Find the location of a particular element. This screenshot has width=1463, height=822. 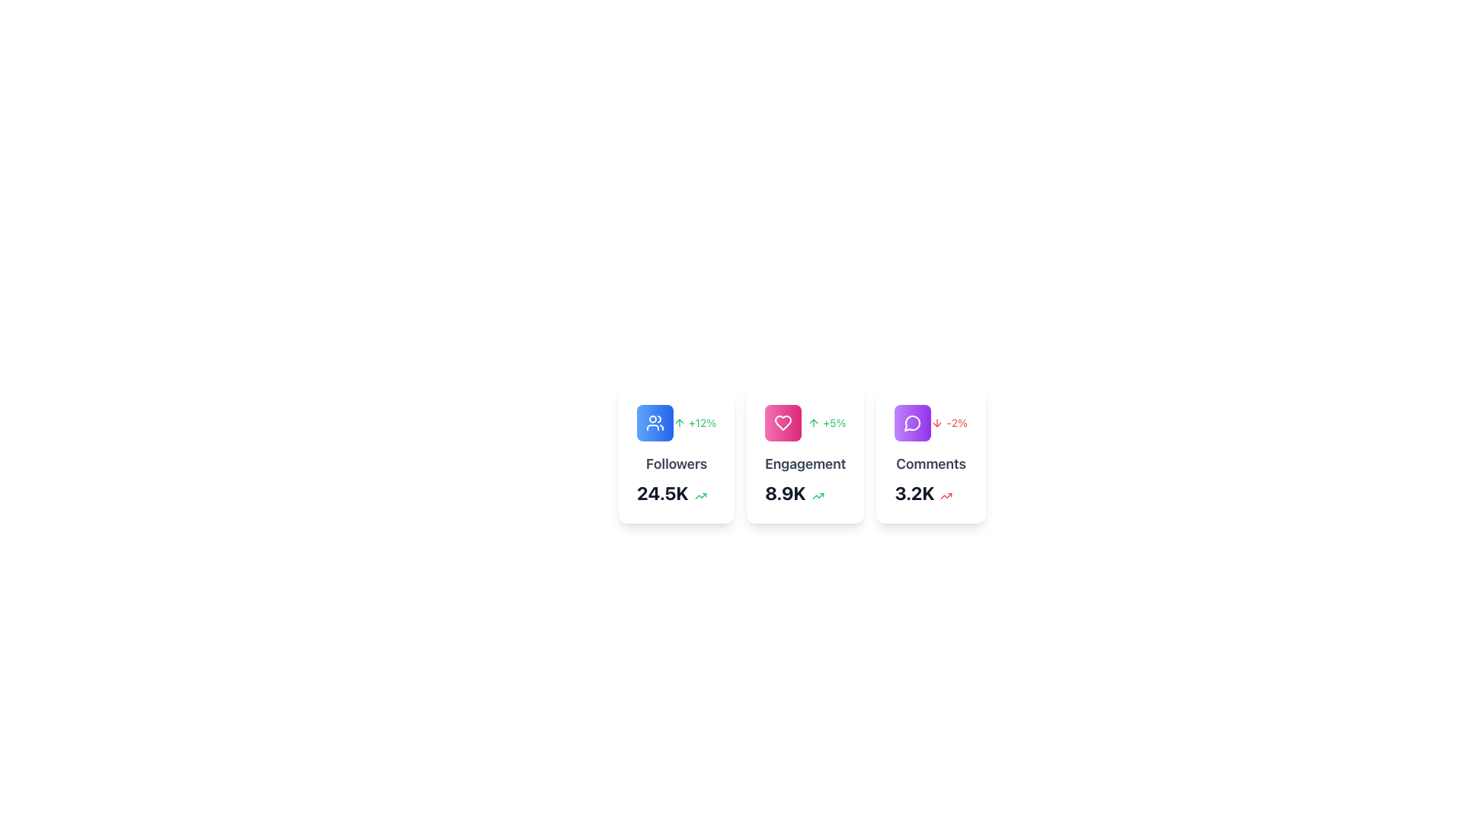

the comments SVG icon located in the third panel from the left, adjacent to the 'Followers' and 'Engagement' panels, for accessibility purposes is located at coordinates (913, 422).